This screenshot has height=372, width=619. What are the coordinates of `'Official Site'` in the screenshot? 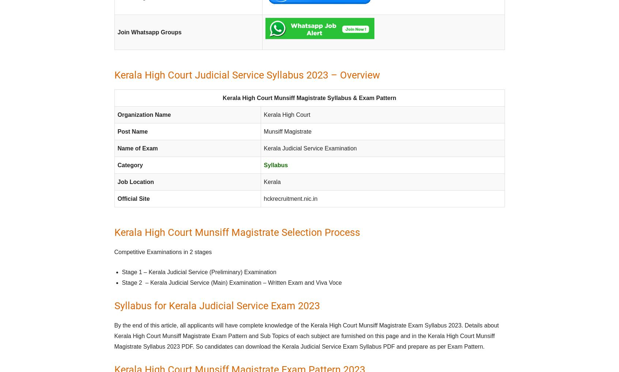 It's located at (133, 199).